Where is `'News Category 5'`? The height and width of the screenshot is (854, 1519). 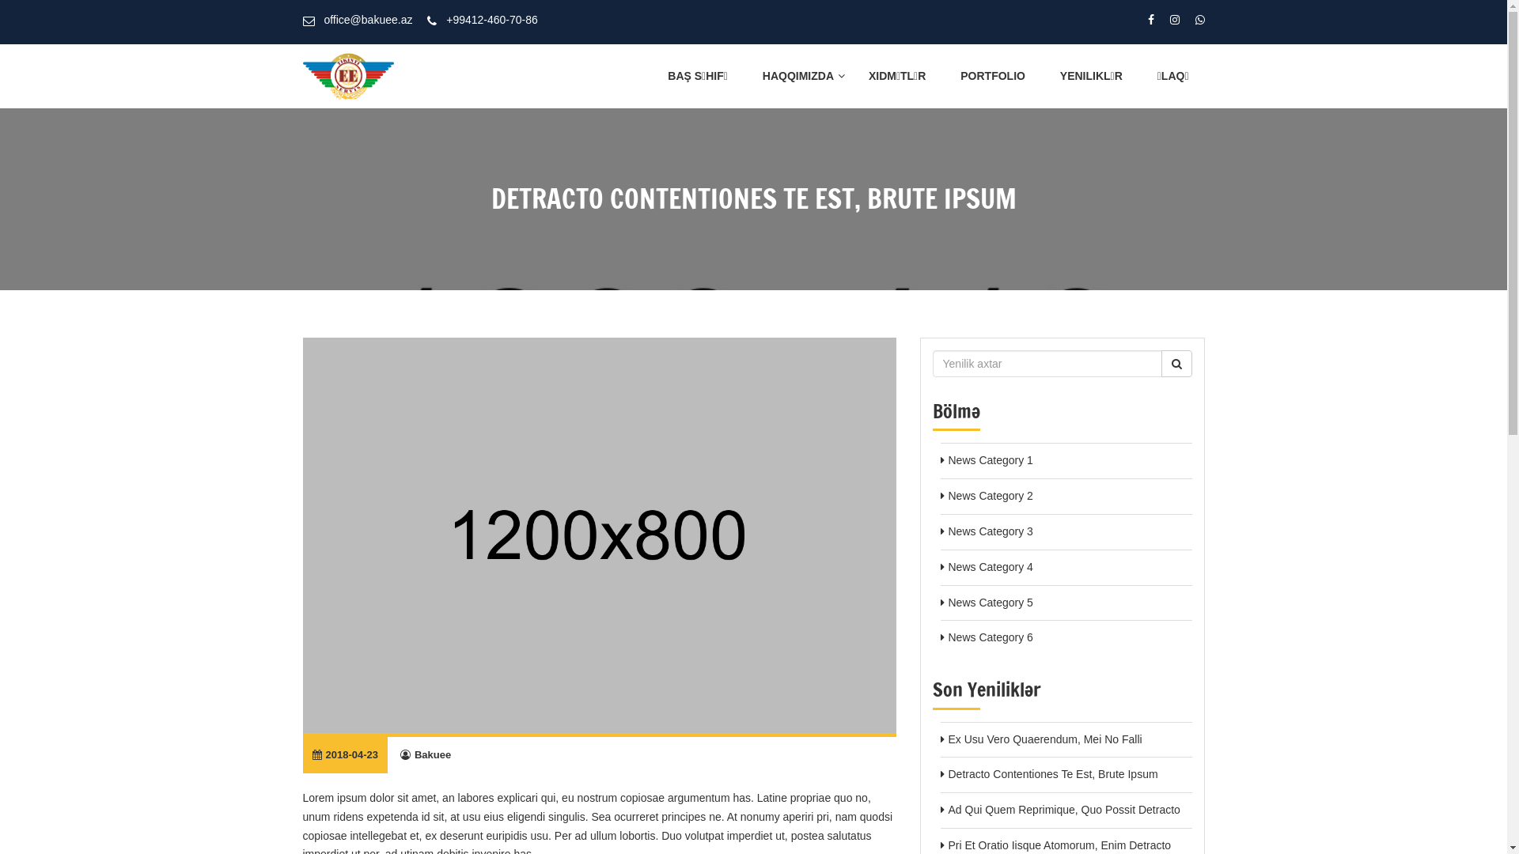
'News Category 5' is located at coordinates (948, 603).